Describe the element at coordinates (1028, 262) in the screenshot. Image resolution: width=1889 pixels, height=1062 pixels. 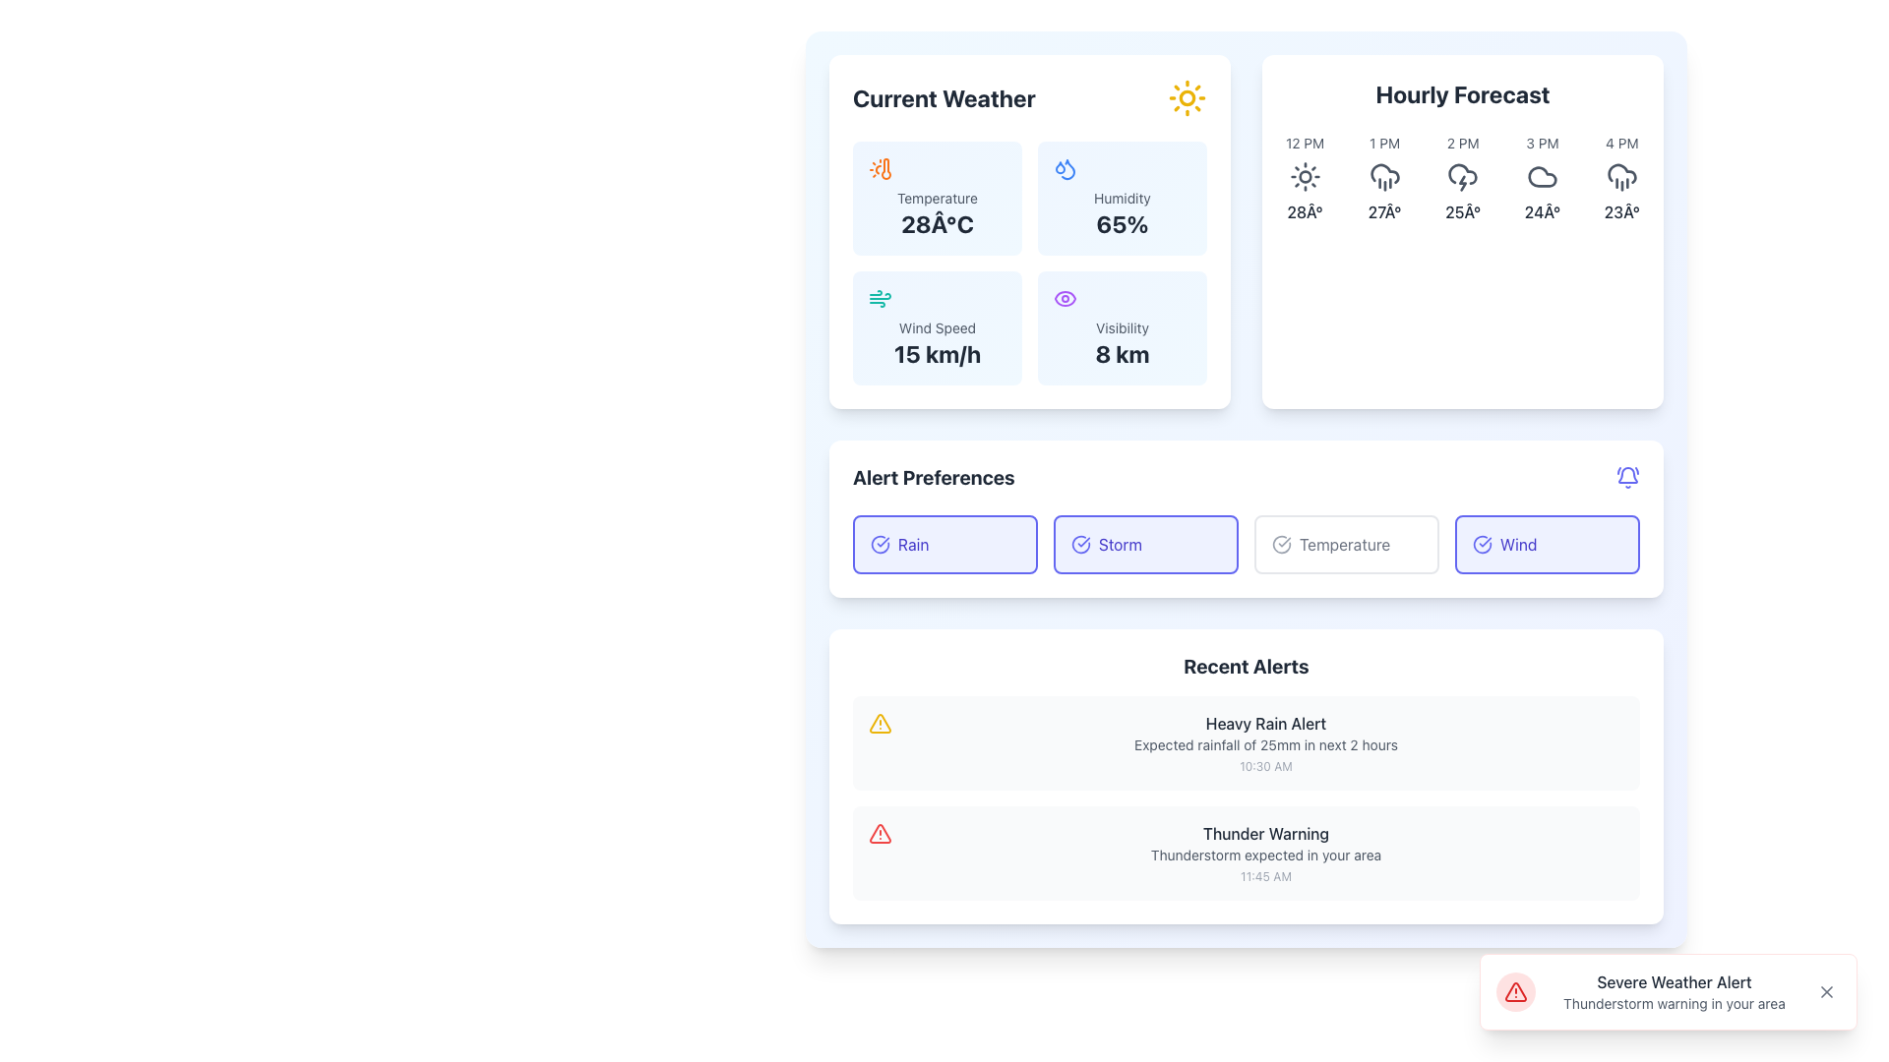
I see `weather detail components in the grid layout located directly below the 'Current Weather' title and to the left of the 'Hourly Forecast' section` at that location.